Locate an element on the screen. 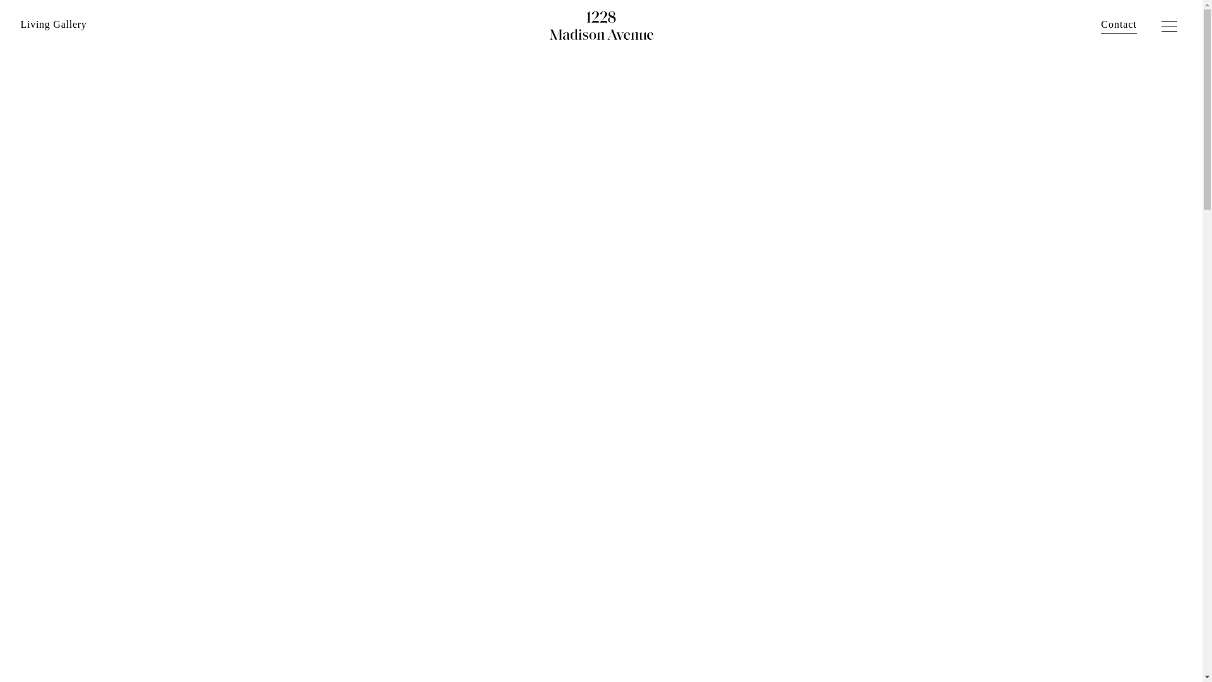 The height and width of the screenshot is (682, 1212). 'Open Menu' is located at coordinates (1170, 27).